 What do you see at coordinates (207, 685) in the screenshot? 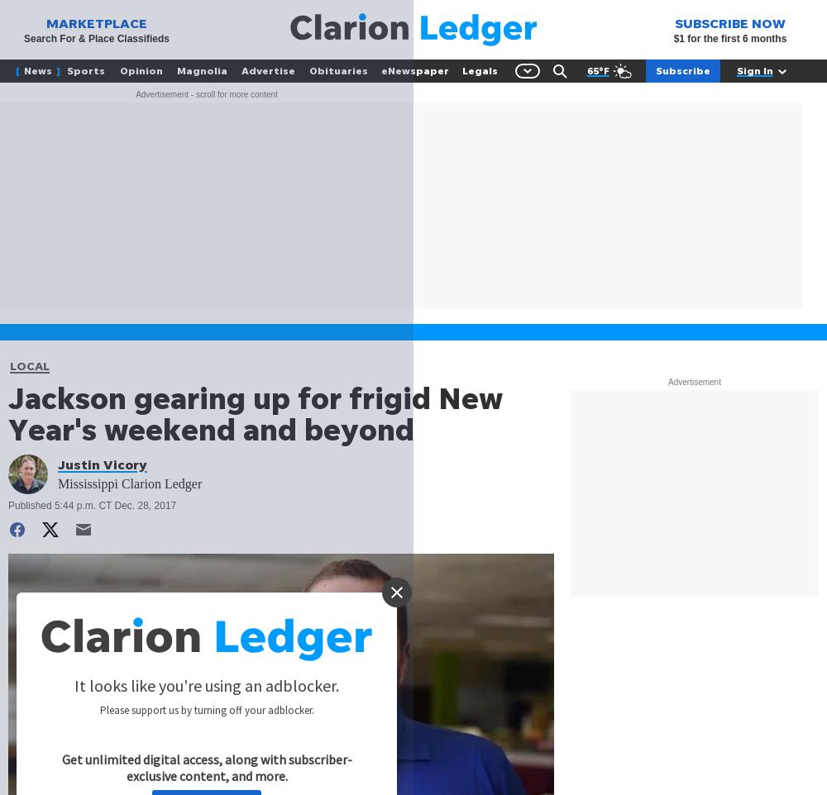
I see `'It looks like you're using an adblocker.'` at bounding box center [207, 685].